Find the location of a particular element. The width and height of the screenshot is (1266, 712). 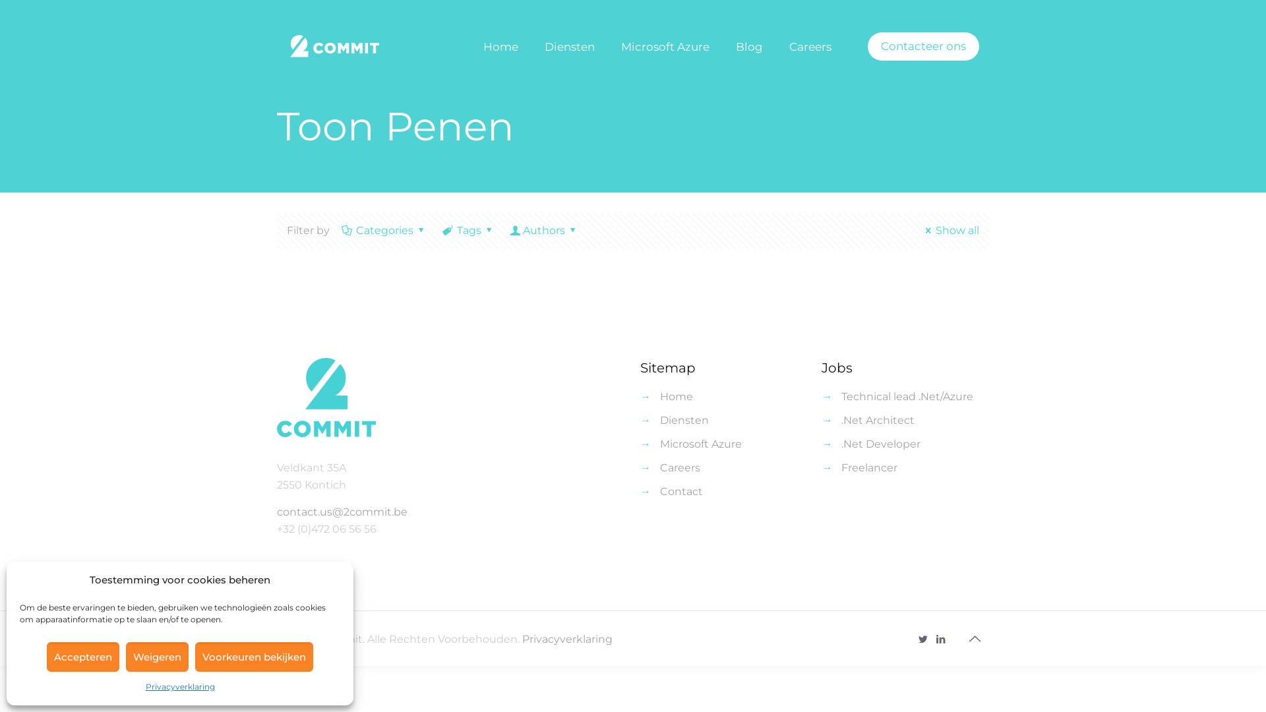

'LinkedIn' is located at coordinates (940, 638).